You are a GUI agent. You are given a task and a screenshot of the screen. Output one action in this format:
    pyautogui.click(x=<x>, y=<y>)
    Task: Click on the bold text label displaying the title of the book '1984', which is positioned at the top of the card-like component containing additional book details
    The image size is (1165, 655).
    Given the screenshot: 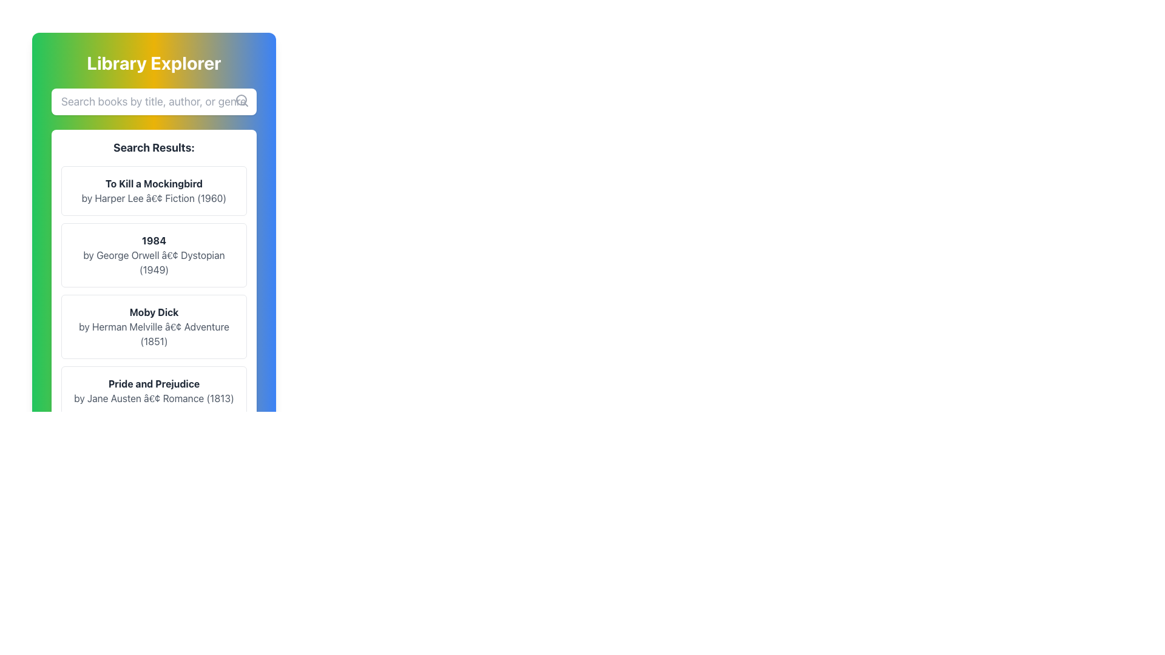 What is the action you would take?
    pyautogui.click(x=154, y=241)
    